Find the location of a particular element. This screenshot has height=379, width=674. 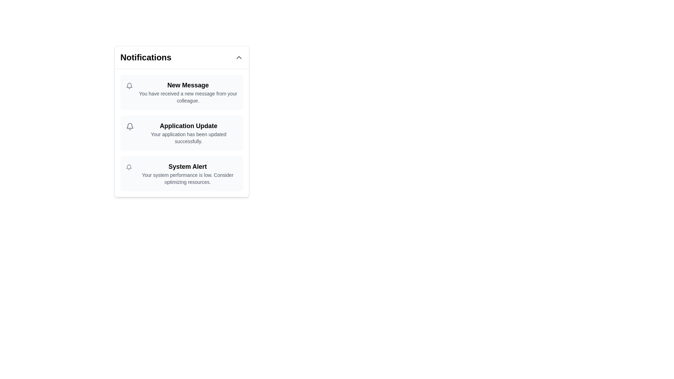

the bell icon representing the notification for 'Application Update' to focus on it is located at coordinates (130, 127).